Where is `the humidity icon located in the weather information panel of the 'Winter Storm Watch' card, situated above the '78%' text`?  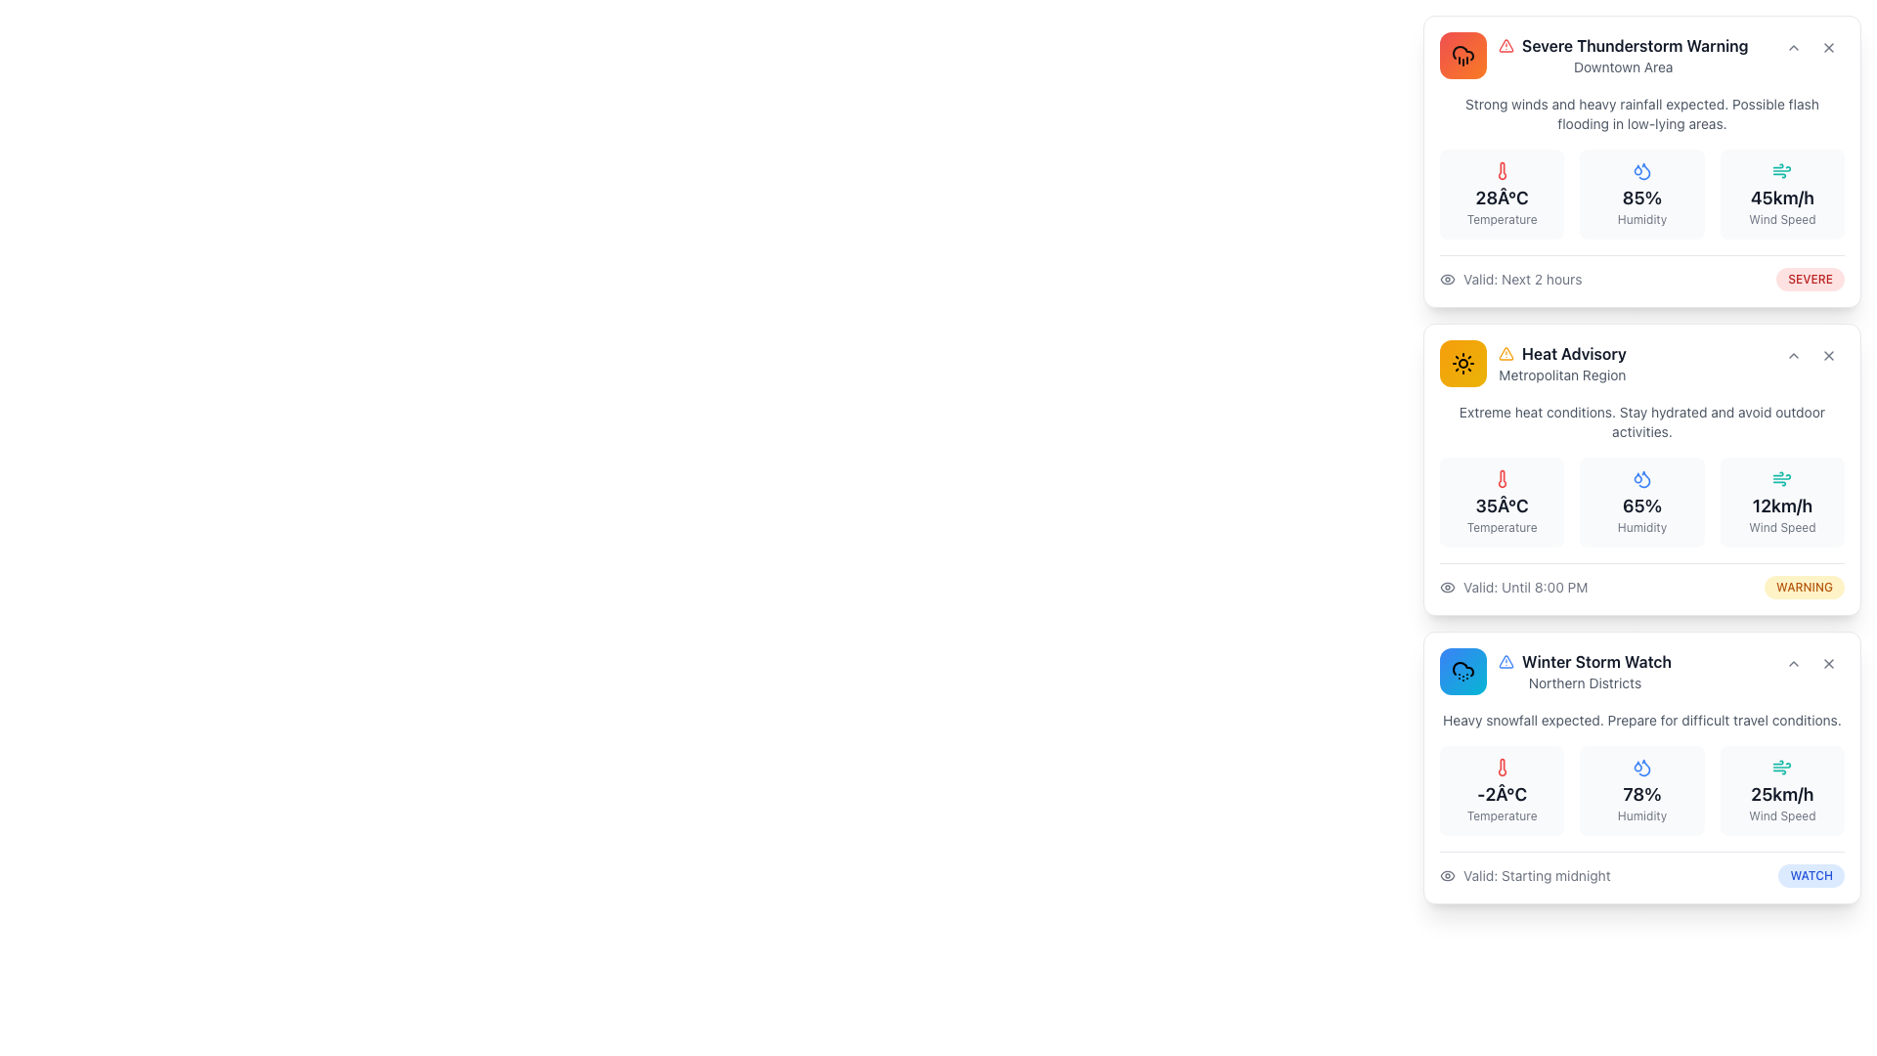
the humidity icon located in the weather information panel of the 'Winter Storm Watch' card, situated above the '78%' text is located at coordinates (1642, 767).